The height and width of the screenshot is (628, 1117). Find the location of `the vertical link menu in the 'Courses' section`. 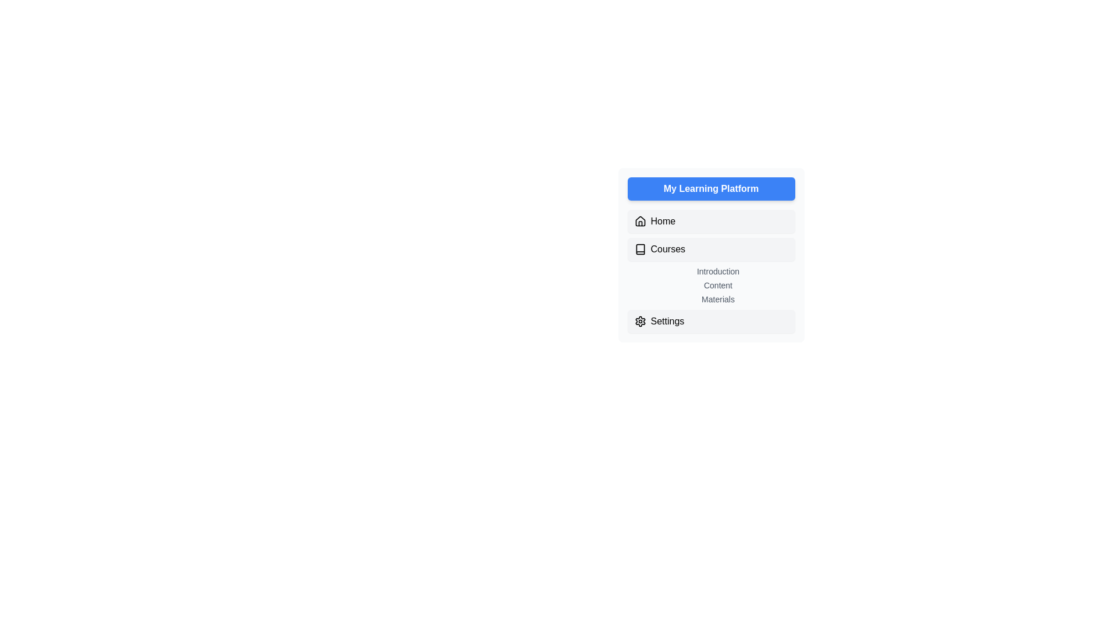

the vertical link menu in the 'Courses' section is located at coordinates (717, 285).